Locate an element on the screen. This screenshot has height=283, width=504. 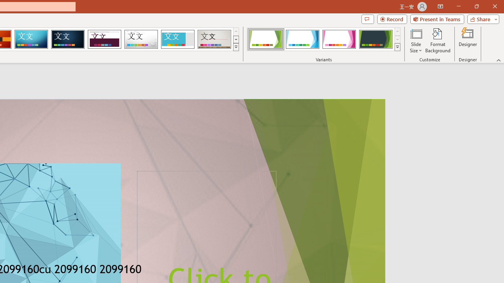
'Facet Variant 3' is located at coordinates (339, 39).